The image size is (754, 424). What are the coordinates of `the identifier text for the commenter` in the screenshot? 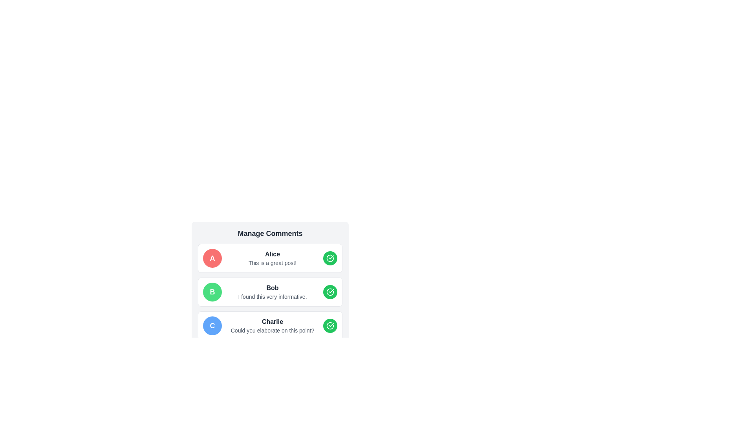 It's located at (273, 254).